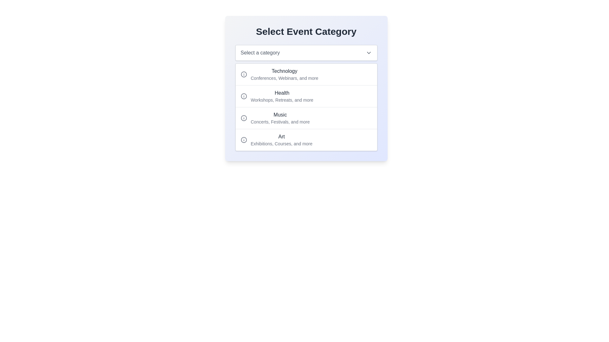 This screenshot has width=609, height=342. I want to click on the small circular icon with a gray outlined border and an 'i' inside, located next to the text 'Health', so click(243, 96).